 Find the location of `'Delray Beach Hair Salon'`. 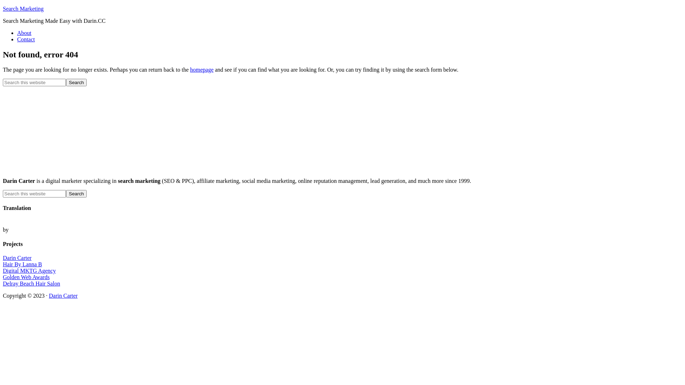

'Delray Beach Hair Salon' is located at coordinates (31, 283).